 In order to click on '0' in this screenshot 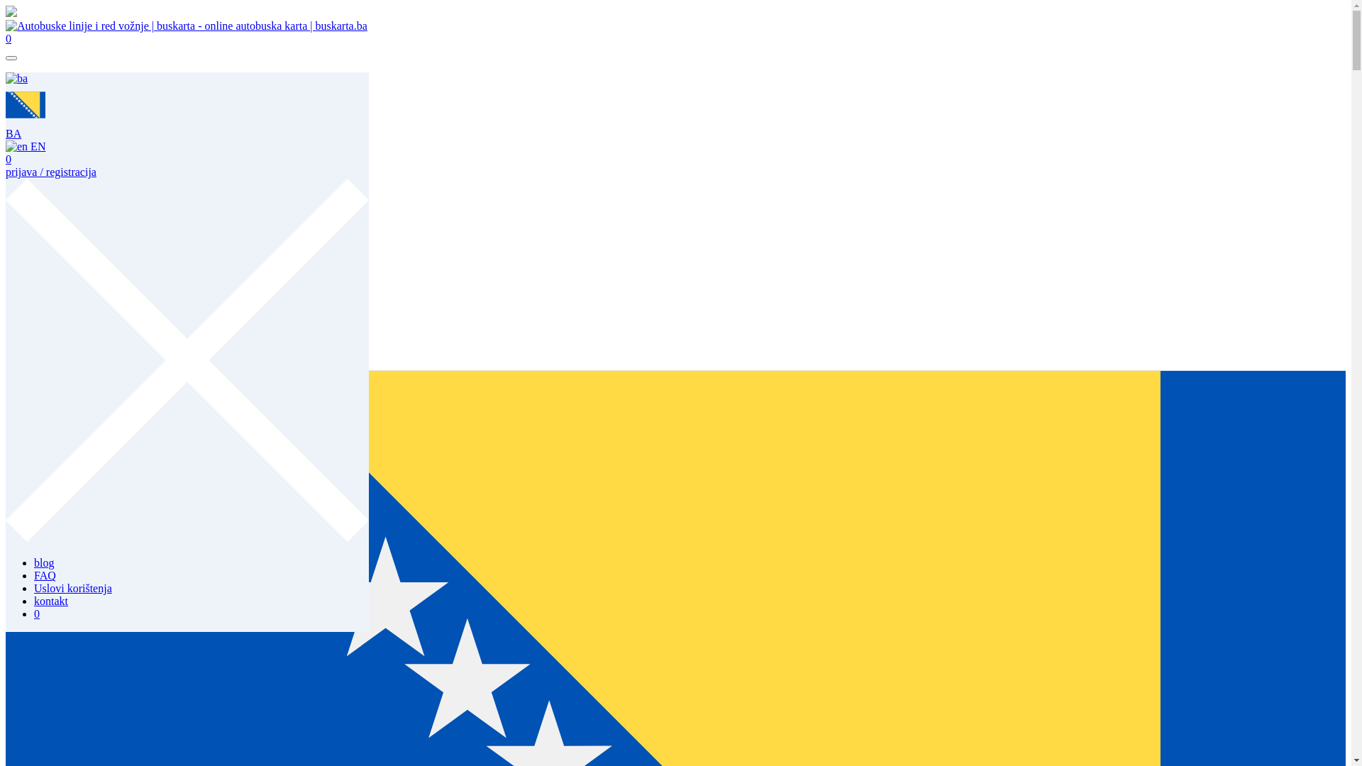, I will do `click(9, 38)`.